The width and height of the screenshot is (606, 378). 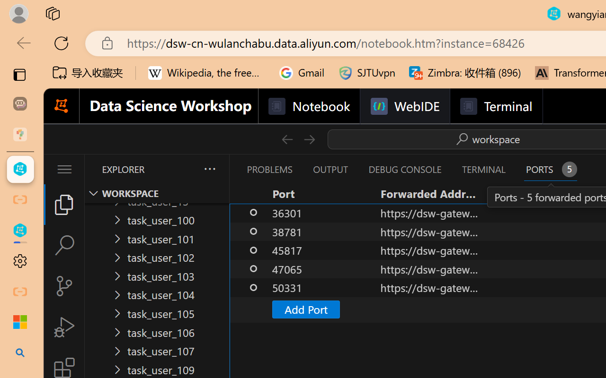 I want to click on 'Terminal', so click(x=495, y=106).